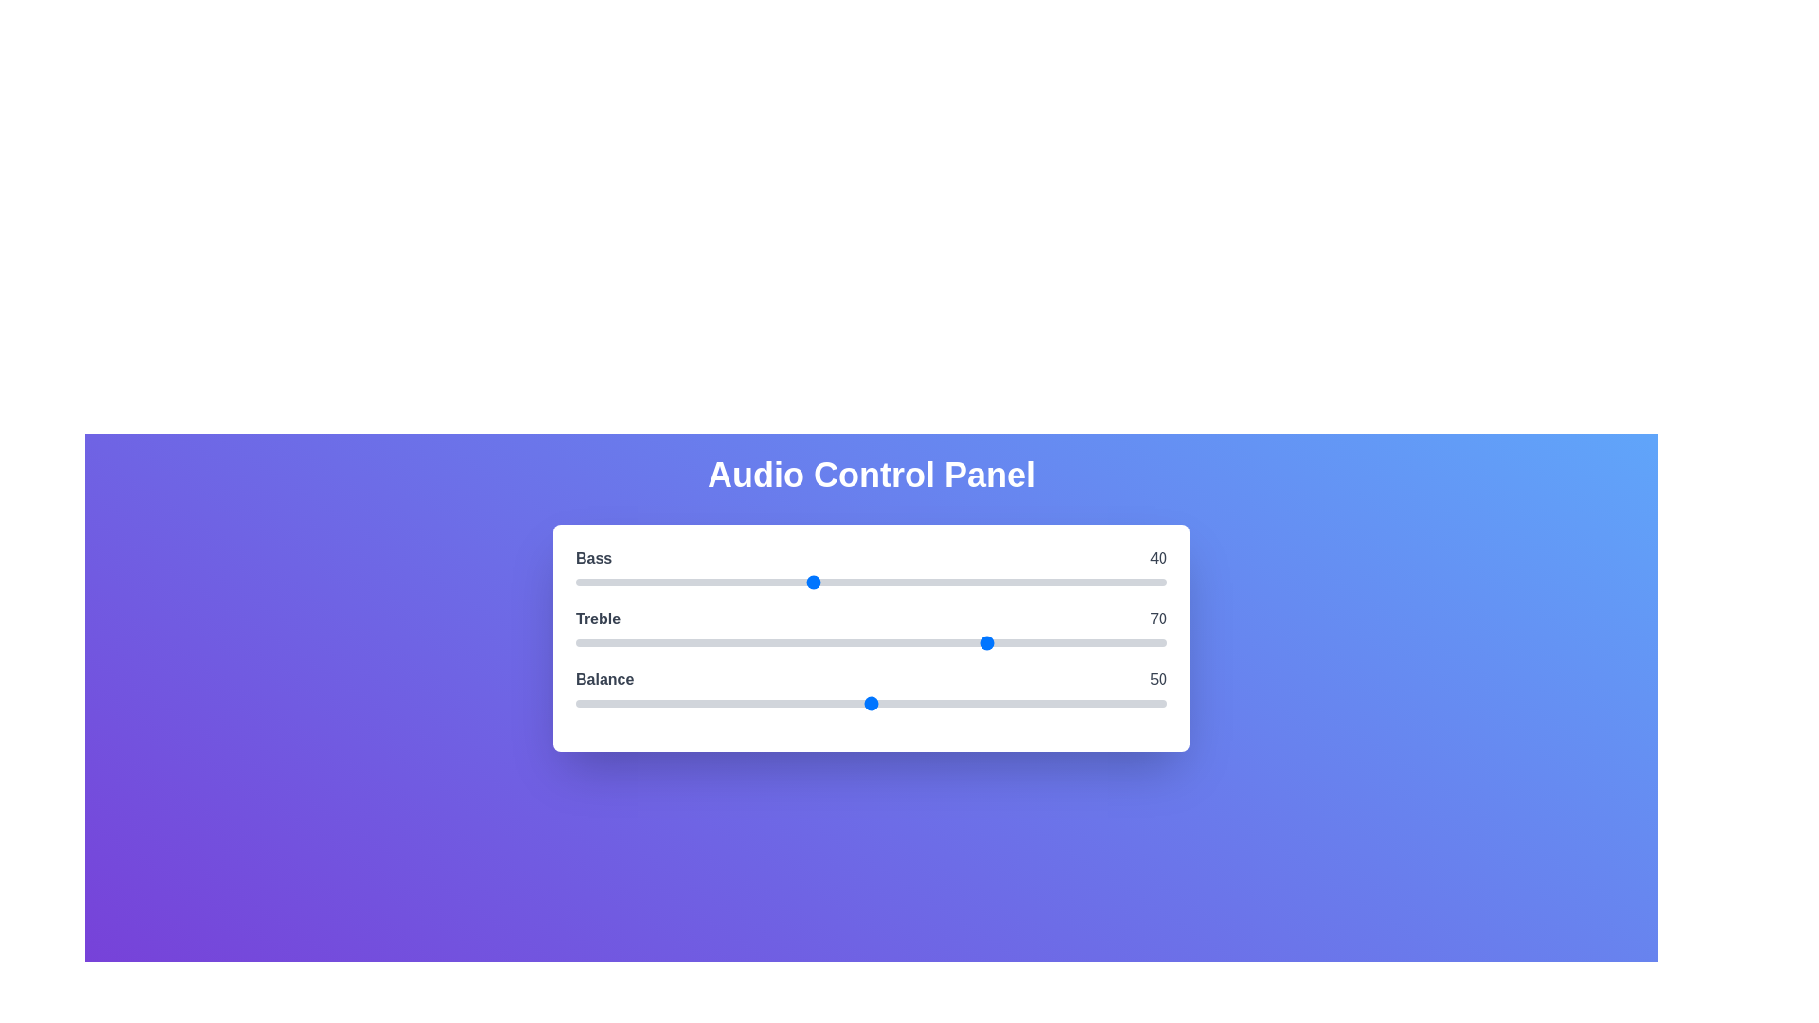 This screenshot has width=1819, height=1023. I want to click on the 0 slider to 17, so click(676, 581).